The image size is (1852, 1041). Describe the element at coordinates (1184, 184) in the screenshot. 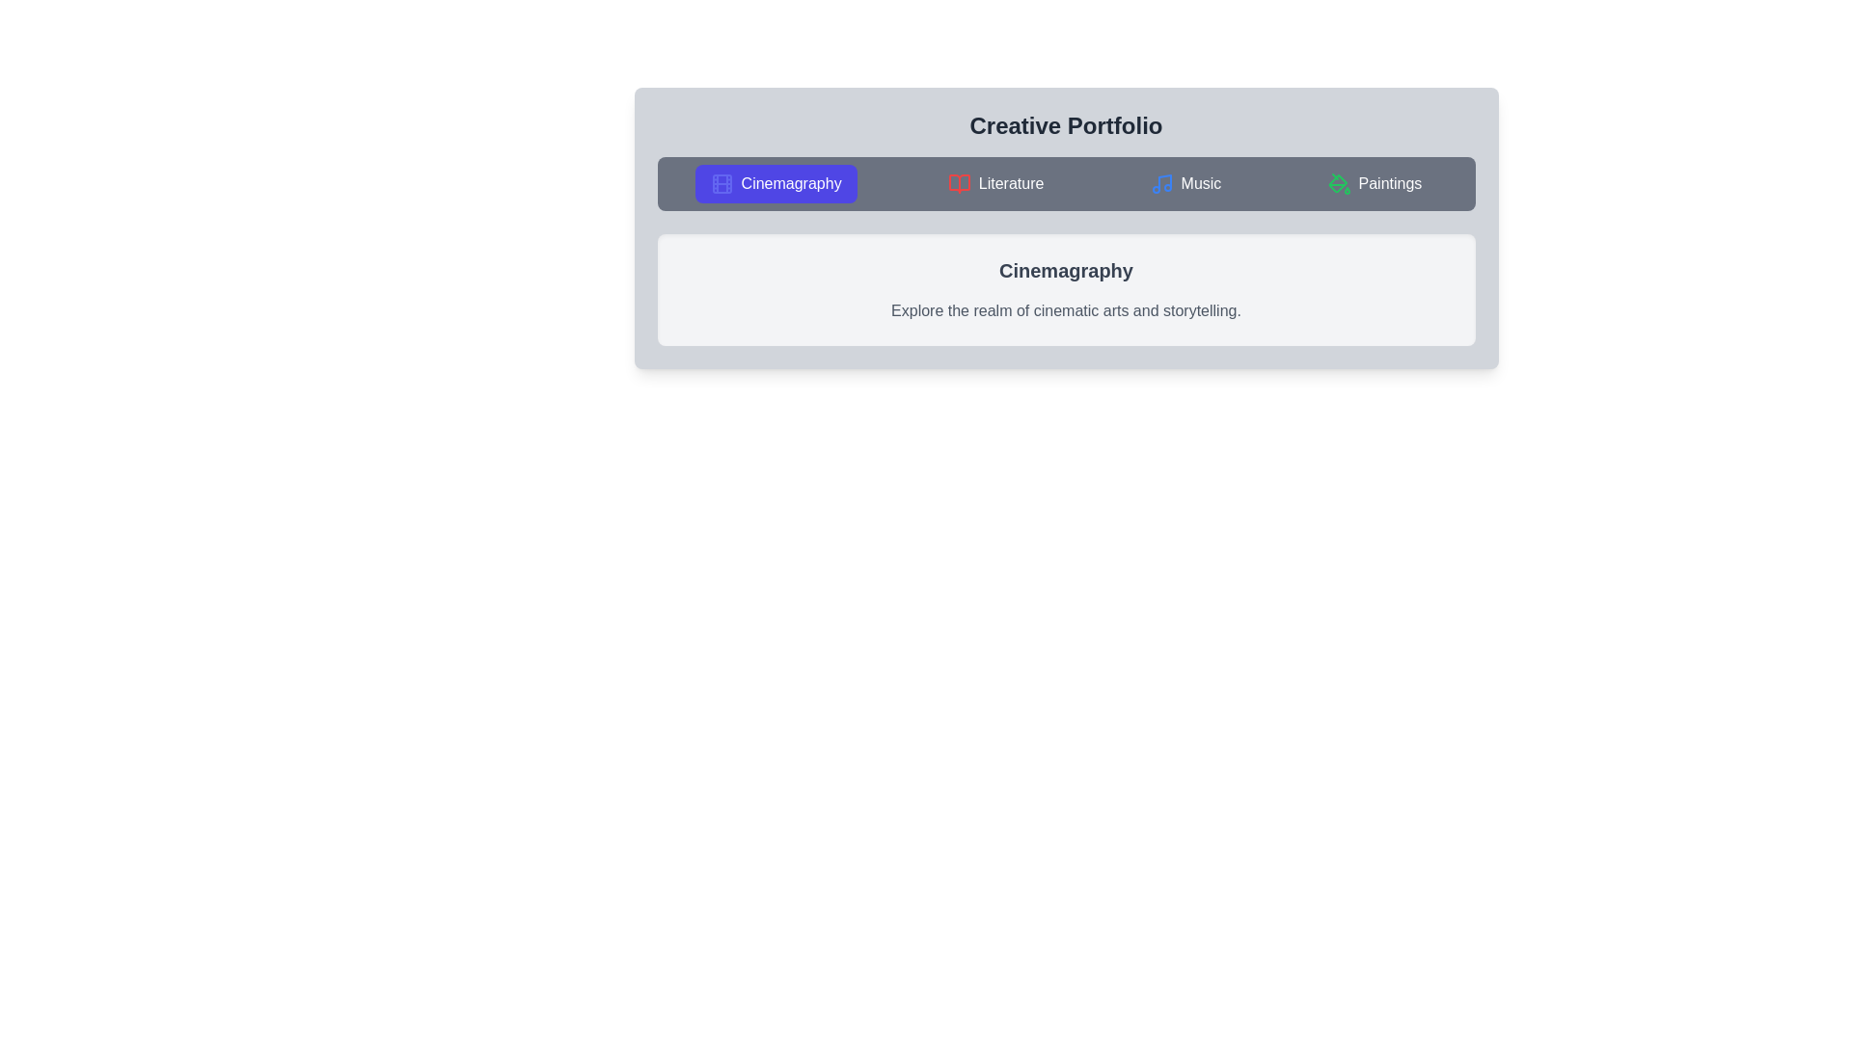

I see `the tab labeled Music and observe its content` at that location.